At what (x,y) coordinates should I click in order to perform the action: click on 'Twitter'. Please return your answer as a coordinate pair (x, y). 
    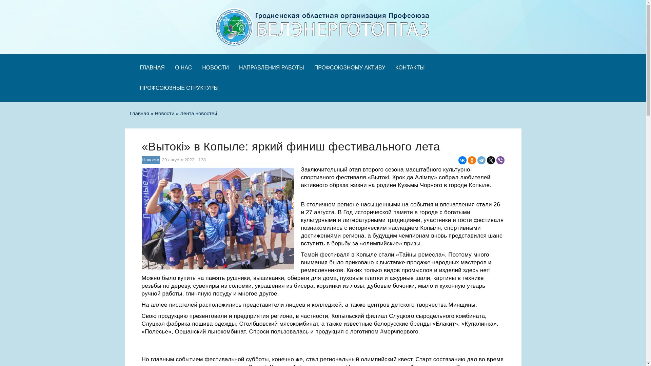
    Looking at the image, I should click on (486, 160).